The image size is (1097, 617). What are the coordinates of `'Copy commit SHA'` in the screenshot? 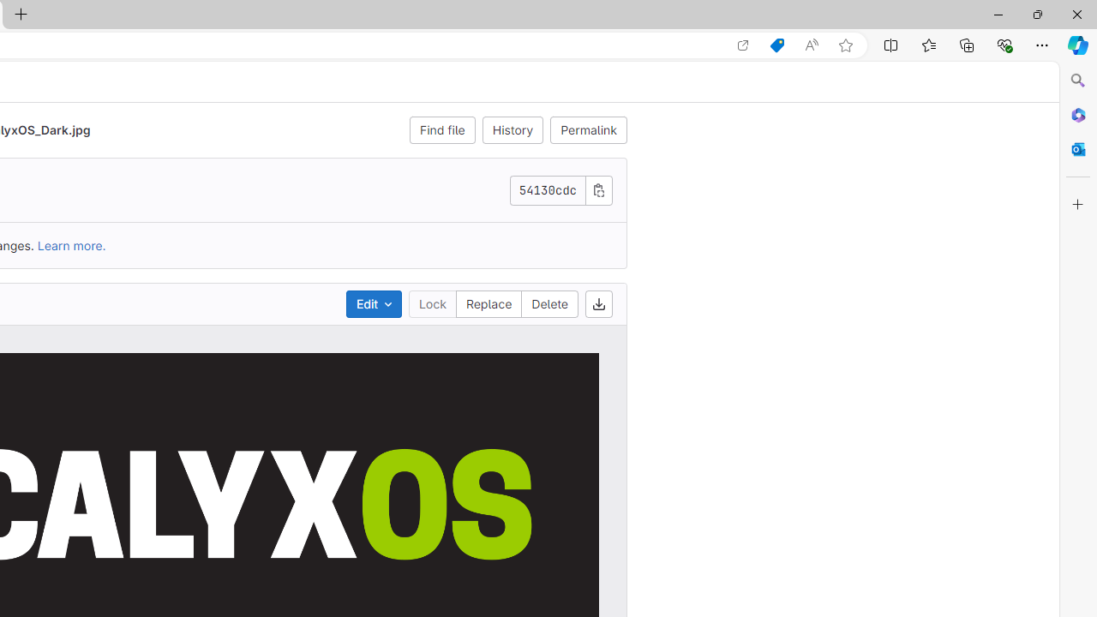 It's located at (599, 189).